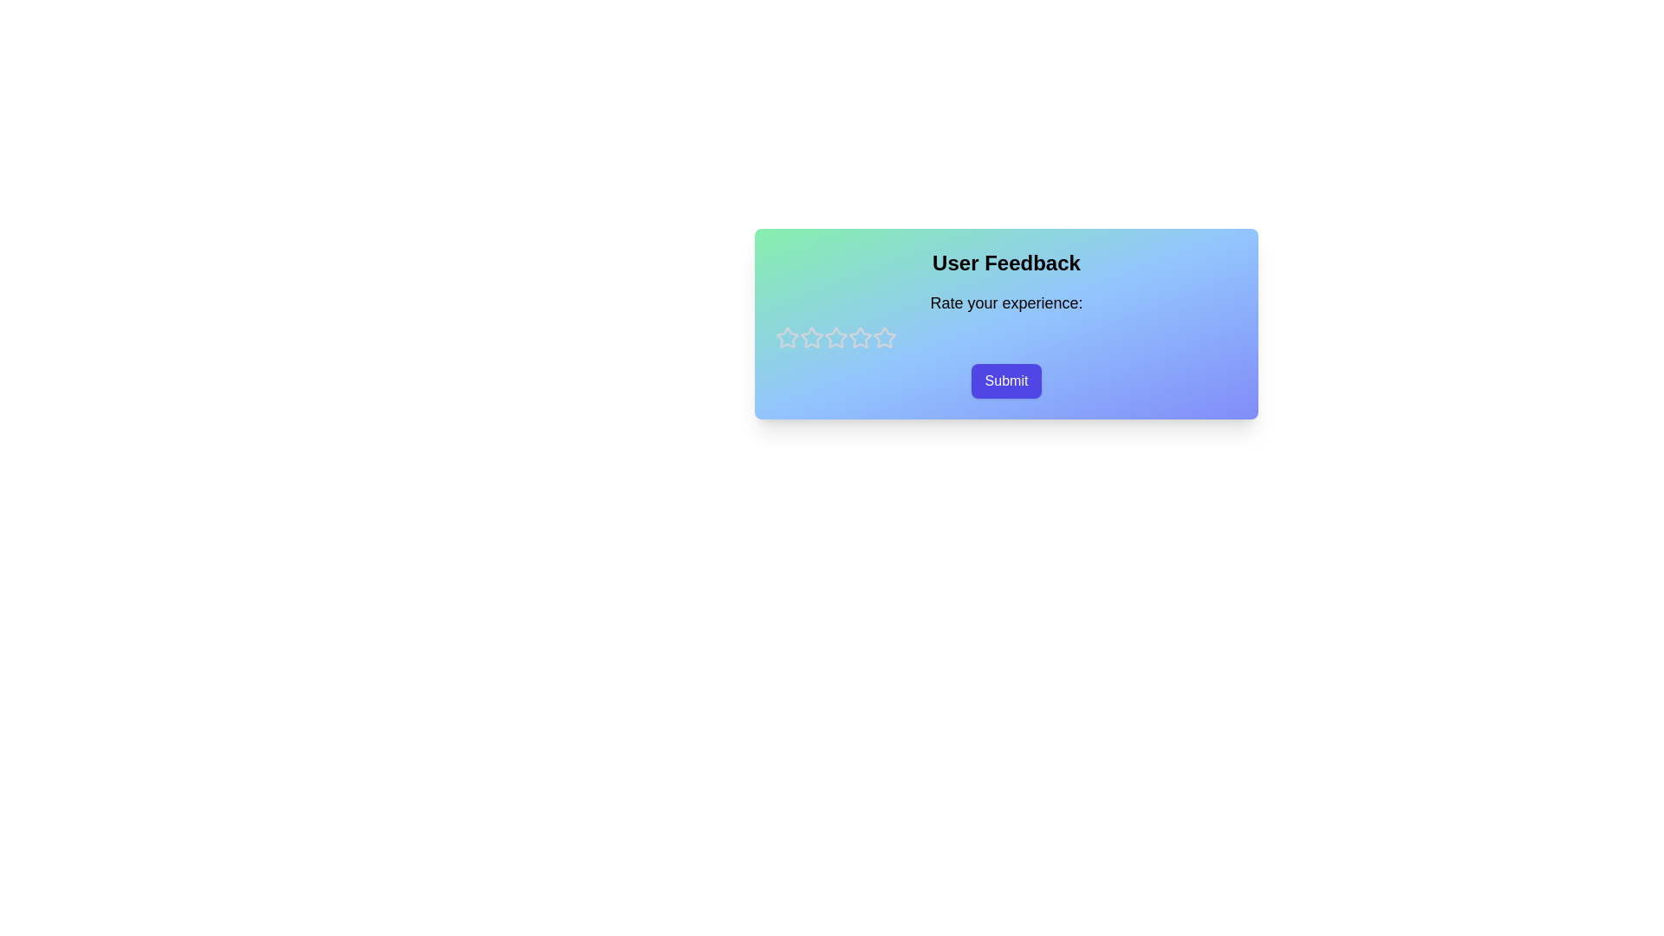  I want to click on the leftmost gray, outlined star icon in the rating widget, so click(786, 337).